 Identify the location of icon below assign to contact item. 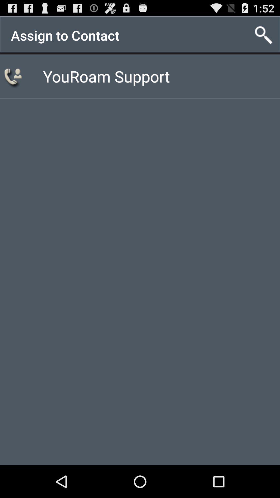
(106, 76).